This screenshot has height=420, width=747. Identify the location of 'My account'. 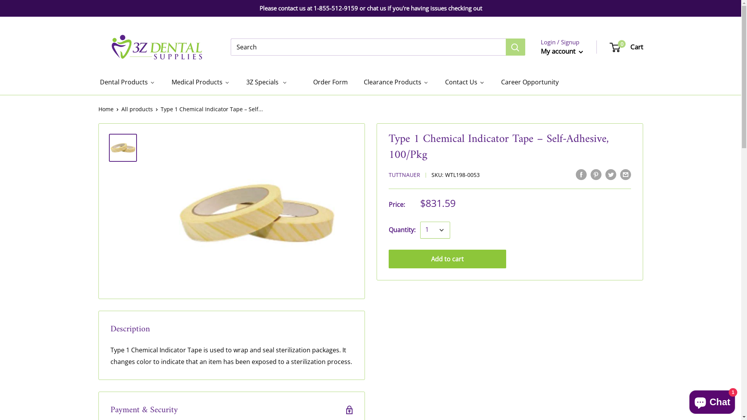
(562, 51).